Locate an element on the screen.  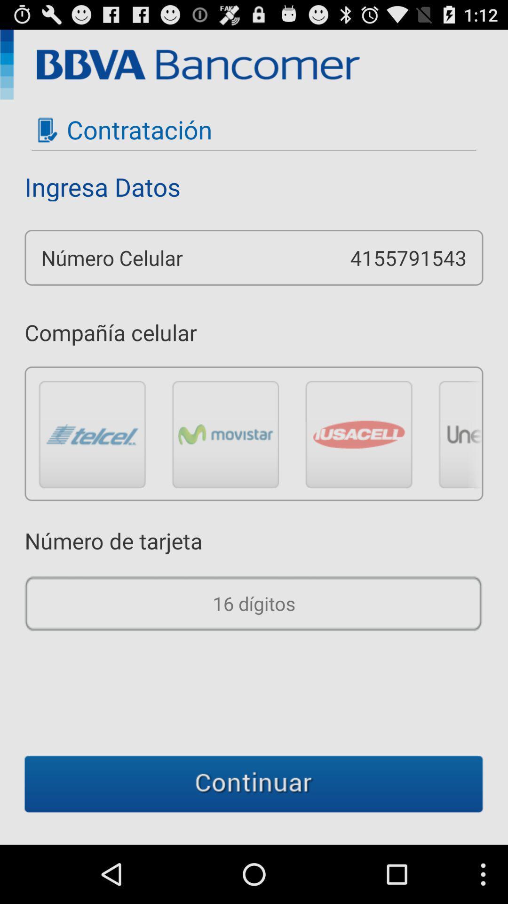
digitos option is located at coordinates (254, 603).